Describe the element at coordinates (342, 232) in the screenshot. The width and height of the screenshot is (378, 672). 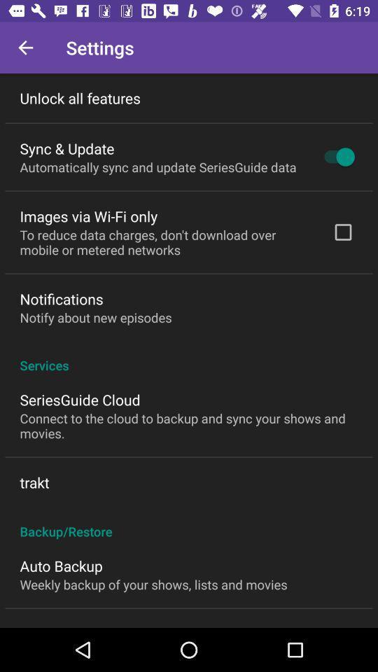
I see `item on the right` at that location.